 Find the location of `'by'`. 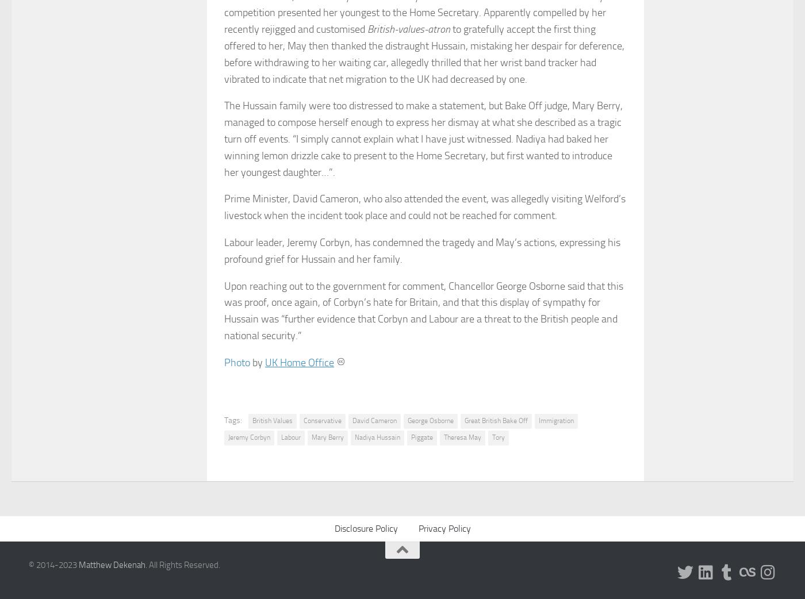

'by' is located at coordinates (258, 362).